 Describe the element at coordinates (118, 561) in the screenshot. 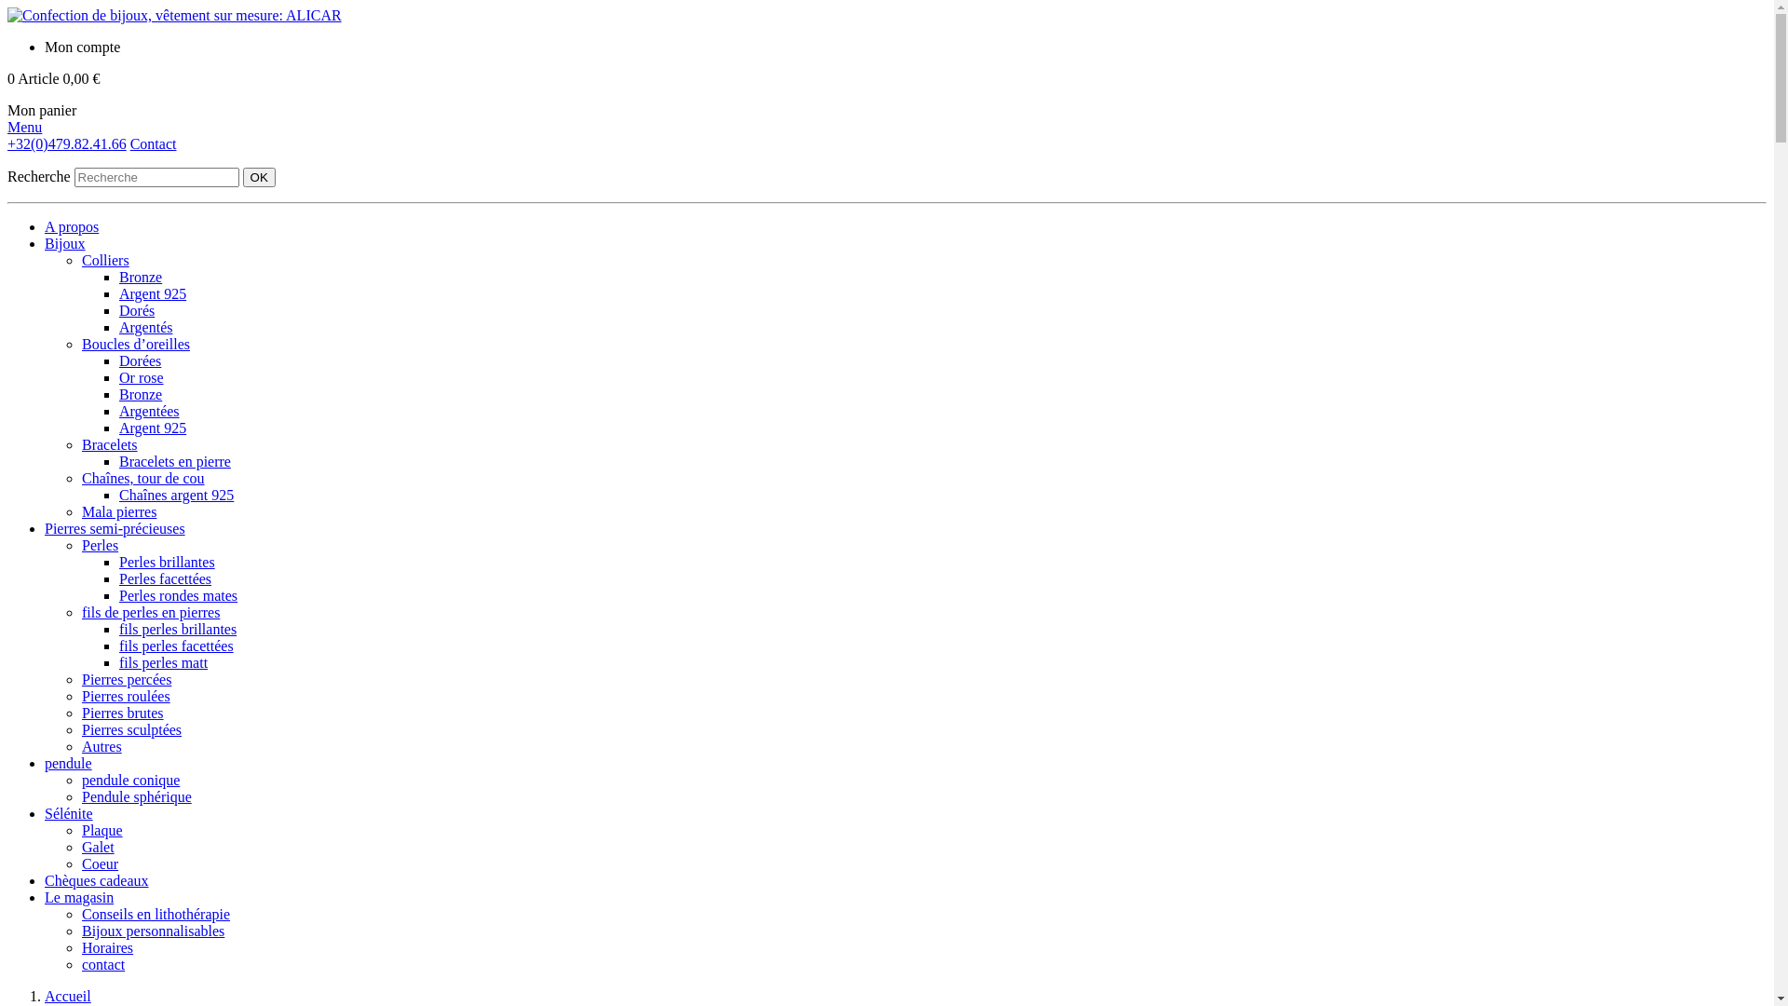

I see `'Perles brillantes'` at that location.